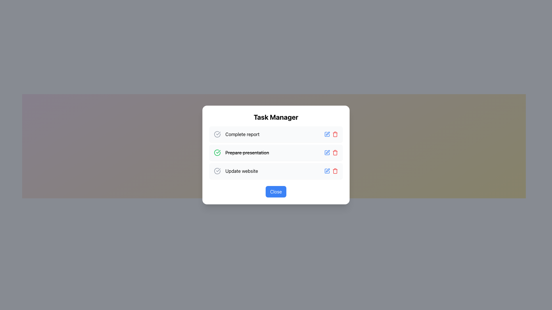  I want to click on the red trash bin icon button located in the task list interface for the task 'Prepare presentation', so click(335, 152).